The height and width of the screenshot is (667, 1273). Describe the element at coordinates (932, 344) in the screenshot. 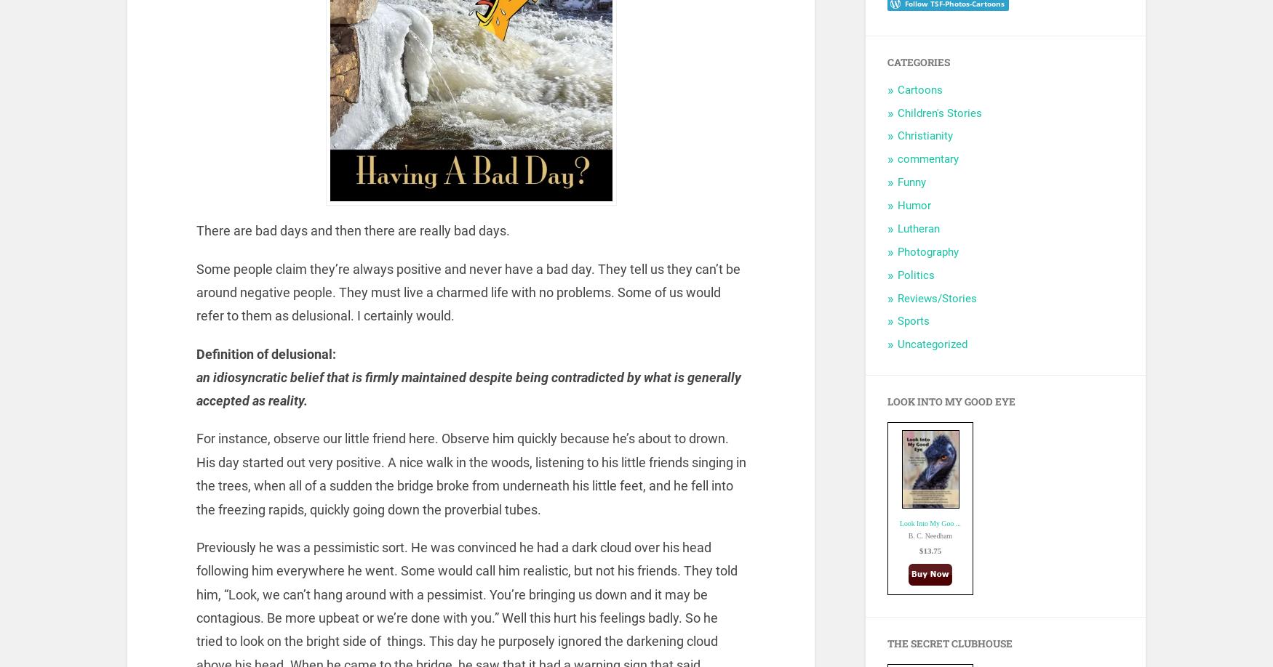

I see `'Uncategorized'` at that location.